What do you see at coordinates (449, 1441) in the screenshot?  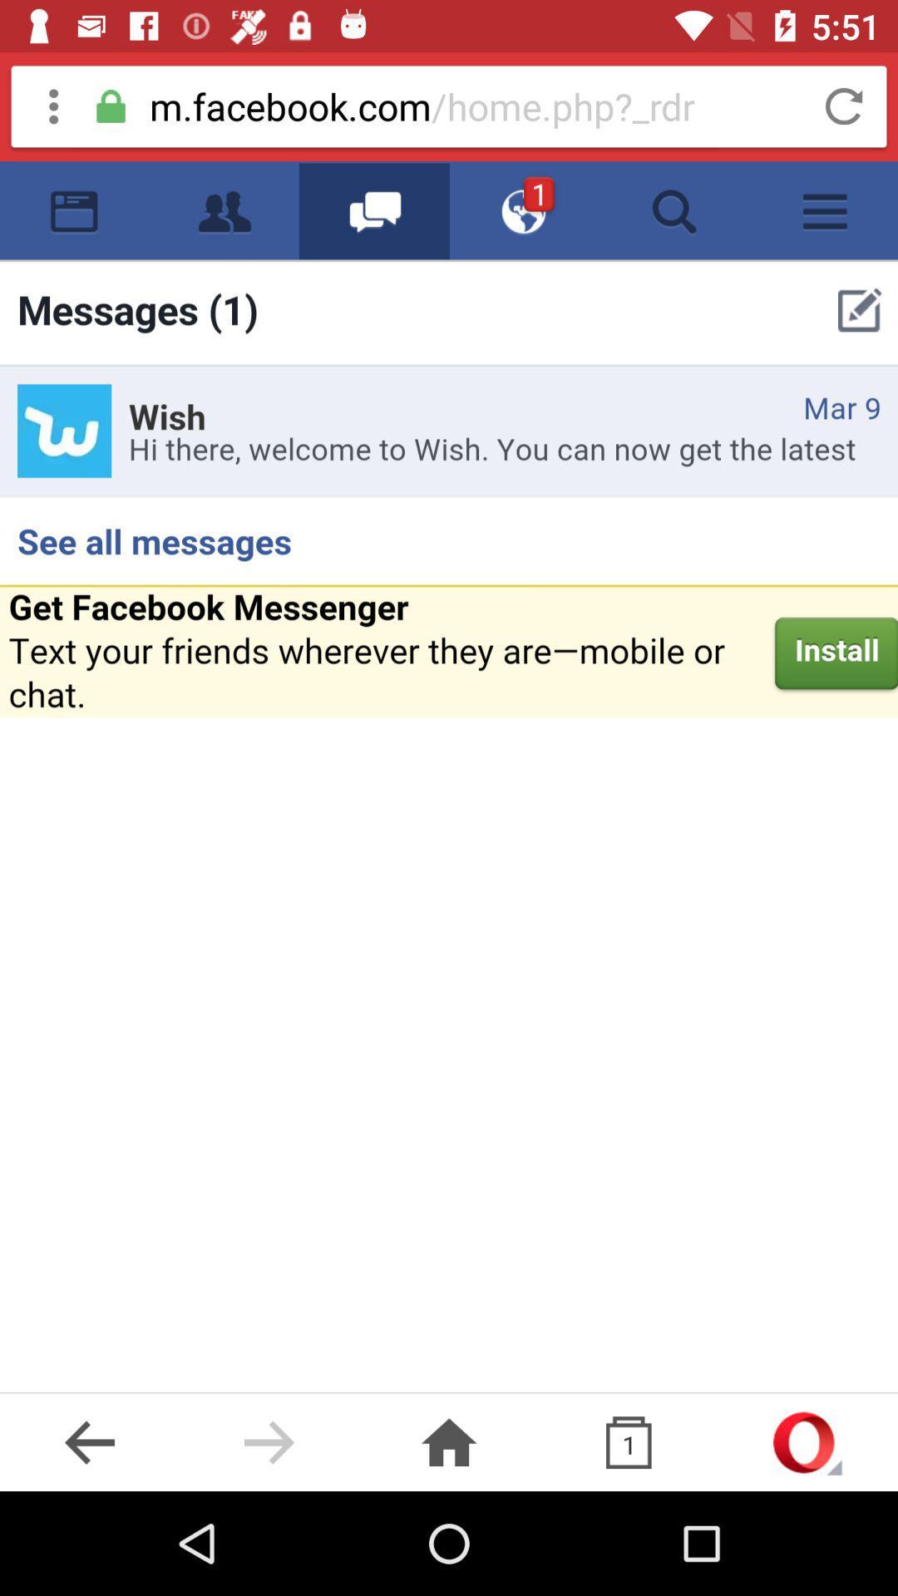 I see `the home icon` at bounding box center [449, 1441].